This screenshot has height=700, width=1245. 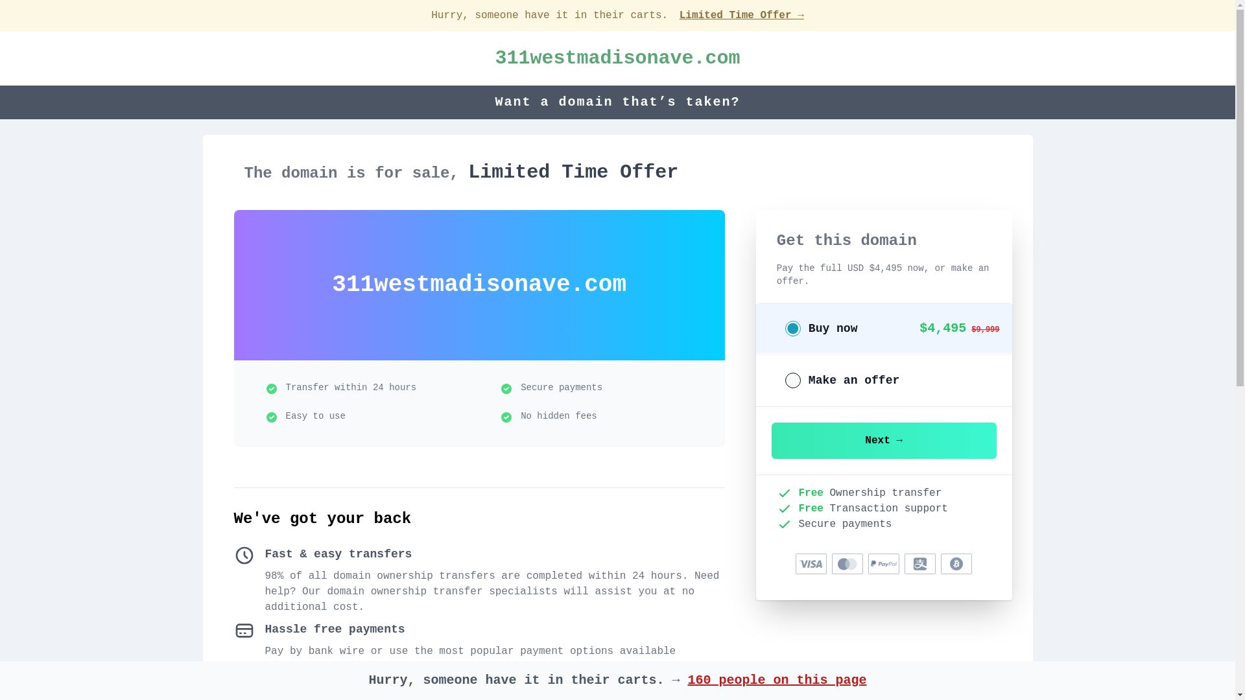 I want to click on '311westmadisonave.com', so click(x=616, y=57).